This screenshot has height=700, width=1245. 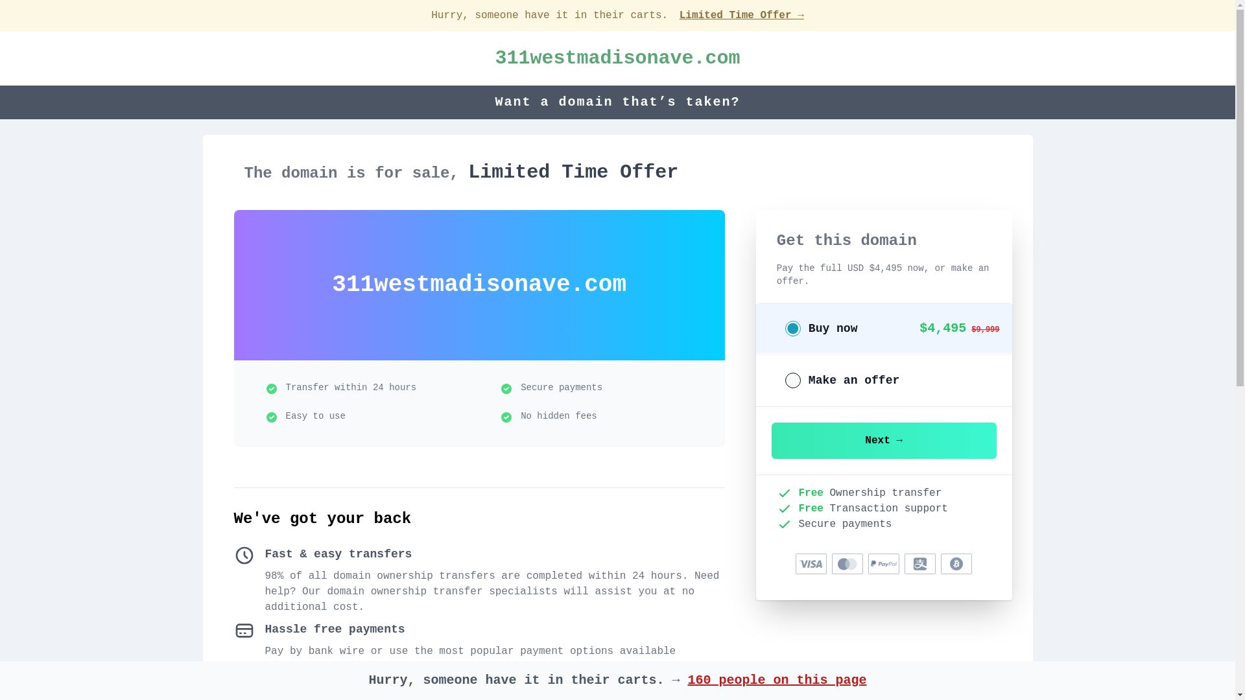 I want to click on '311westmadisonave.com', so click(x=616, y=57).